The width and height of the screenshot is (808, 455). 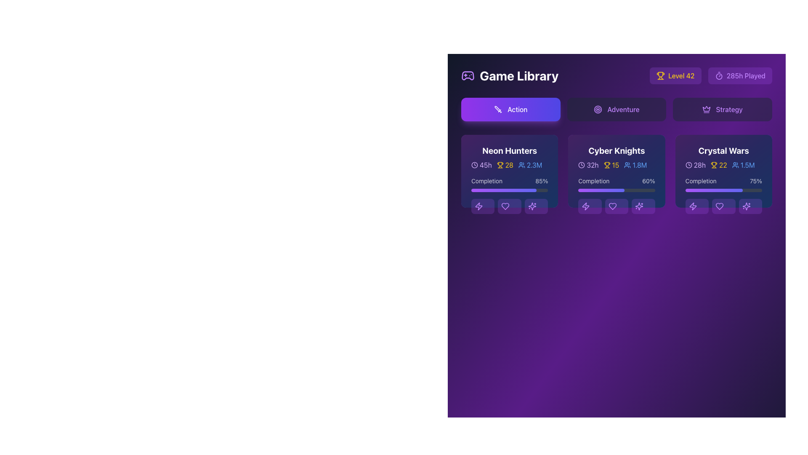 What do you see at coordinates (660, 74) in the screenshot?
I see `the yellowish trophy icon indicating 'Level 42' located at the top-right corner of the user interface` at bounding box center [660, 74].